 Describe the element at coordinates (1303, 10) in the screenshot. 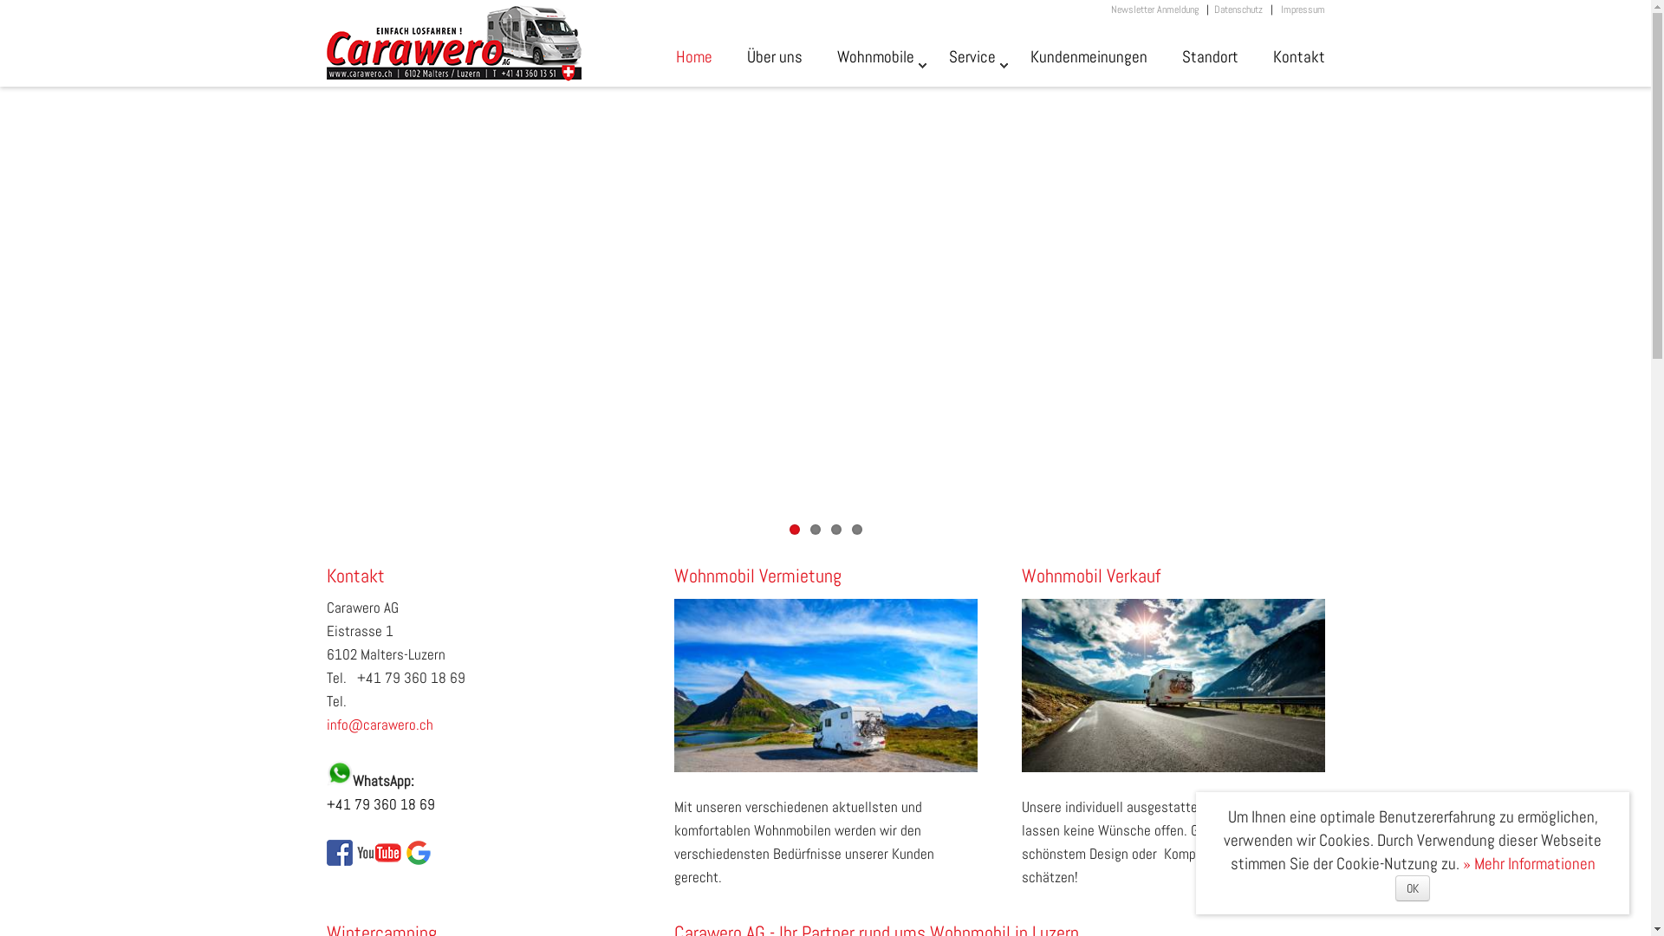

I see `'Impressum'` at that location.